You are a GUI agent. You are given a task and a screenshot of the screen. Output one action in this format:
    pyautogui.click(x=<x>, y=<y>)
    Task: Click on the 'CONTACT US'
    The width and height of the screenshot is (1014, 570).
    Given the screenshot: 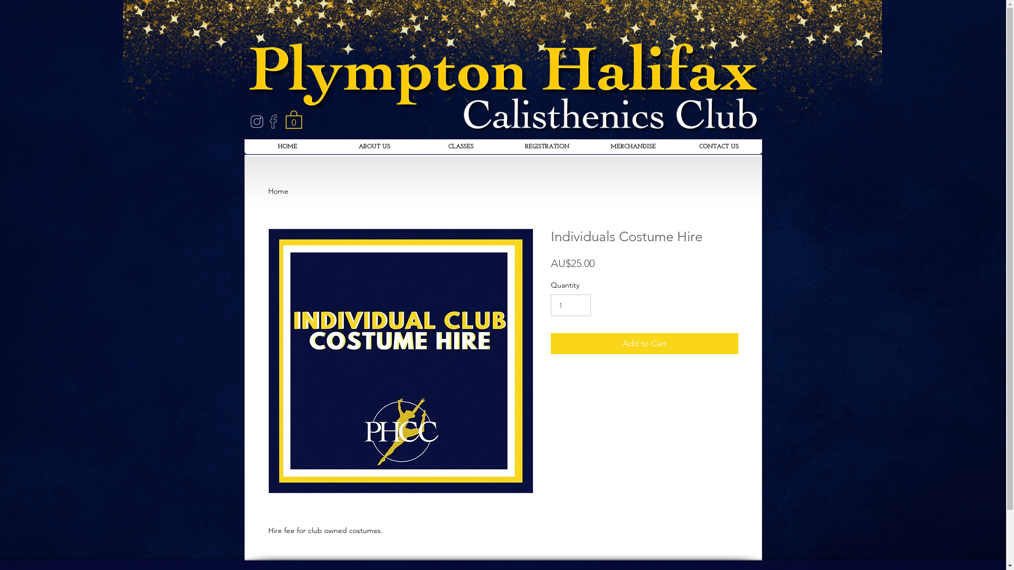 What is the action you would take?
    pyautogui.click(x=718, y=146)
    